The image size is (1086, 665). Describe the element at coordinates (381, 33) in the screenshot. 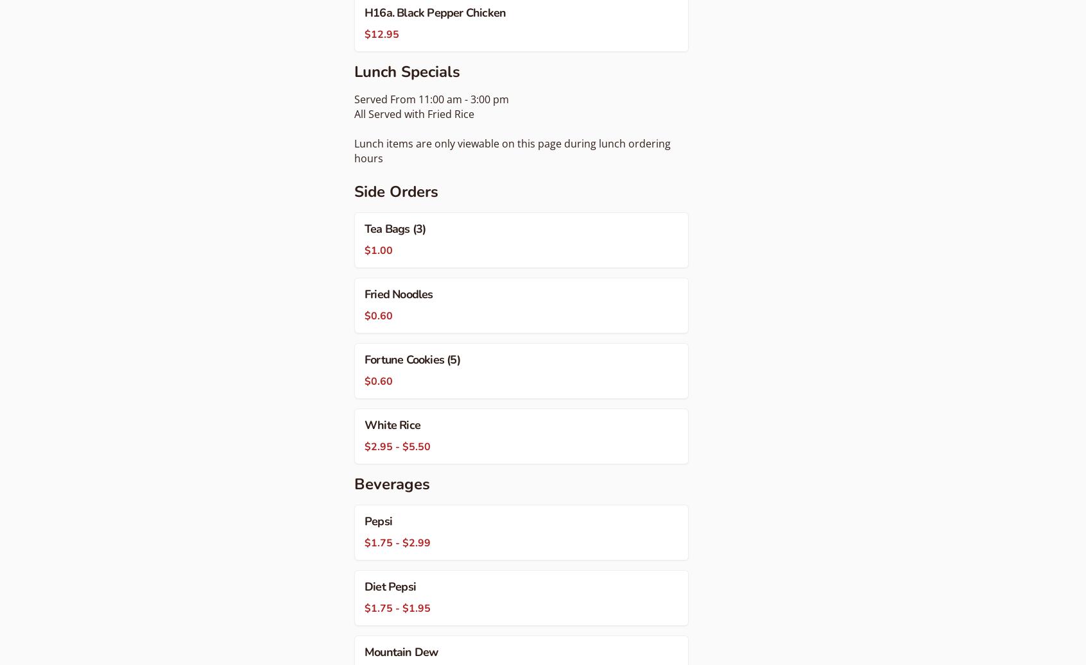

I see `'$12.95'` at that location.